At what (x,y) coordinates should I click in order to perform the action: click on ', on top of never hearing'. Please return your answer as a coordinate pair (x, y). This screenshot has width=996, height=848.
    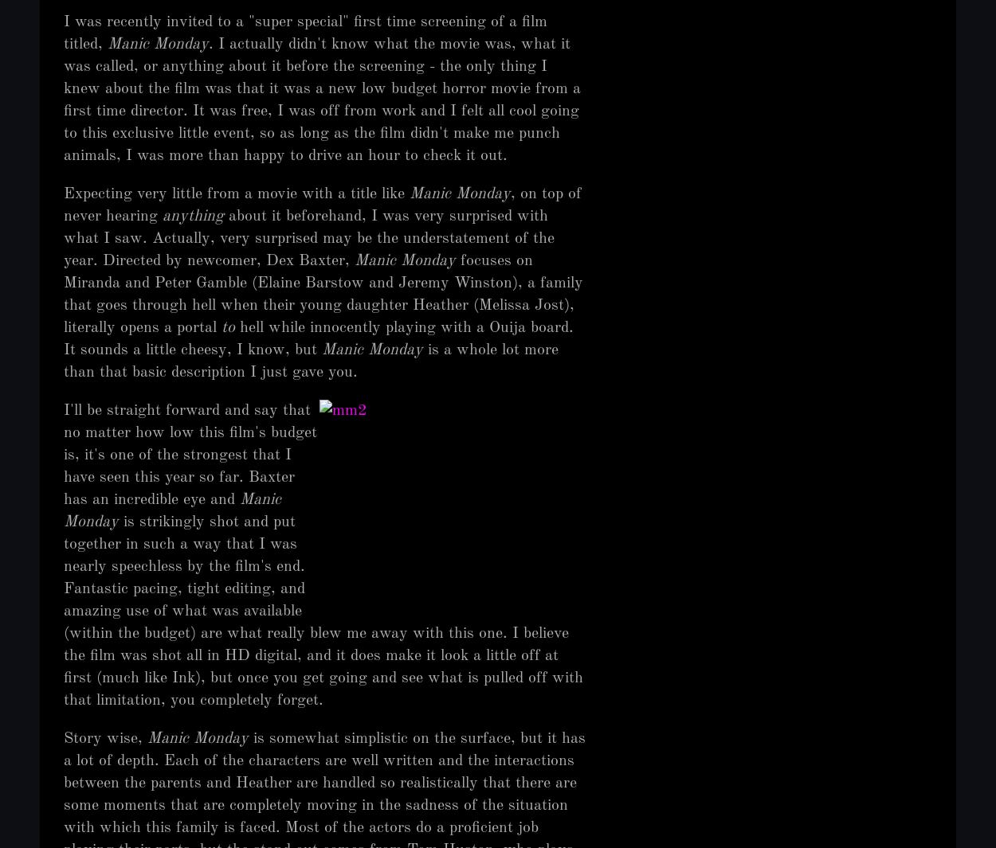
    Looking at the image, I should click on (63, 205).